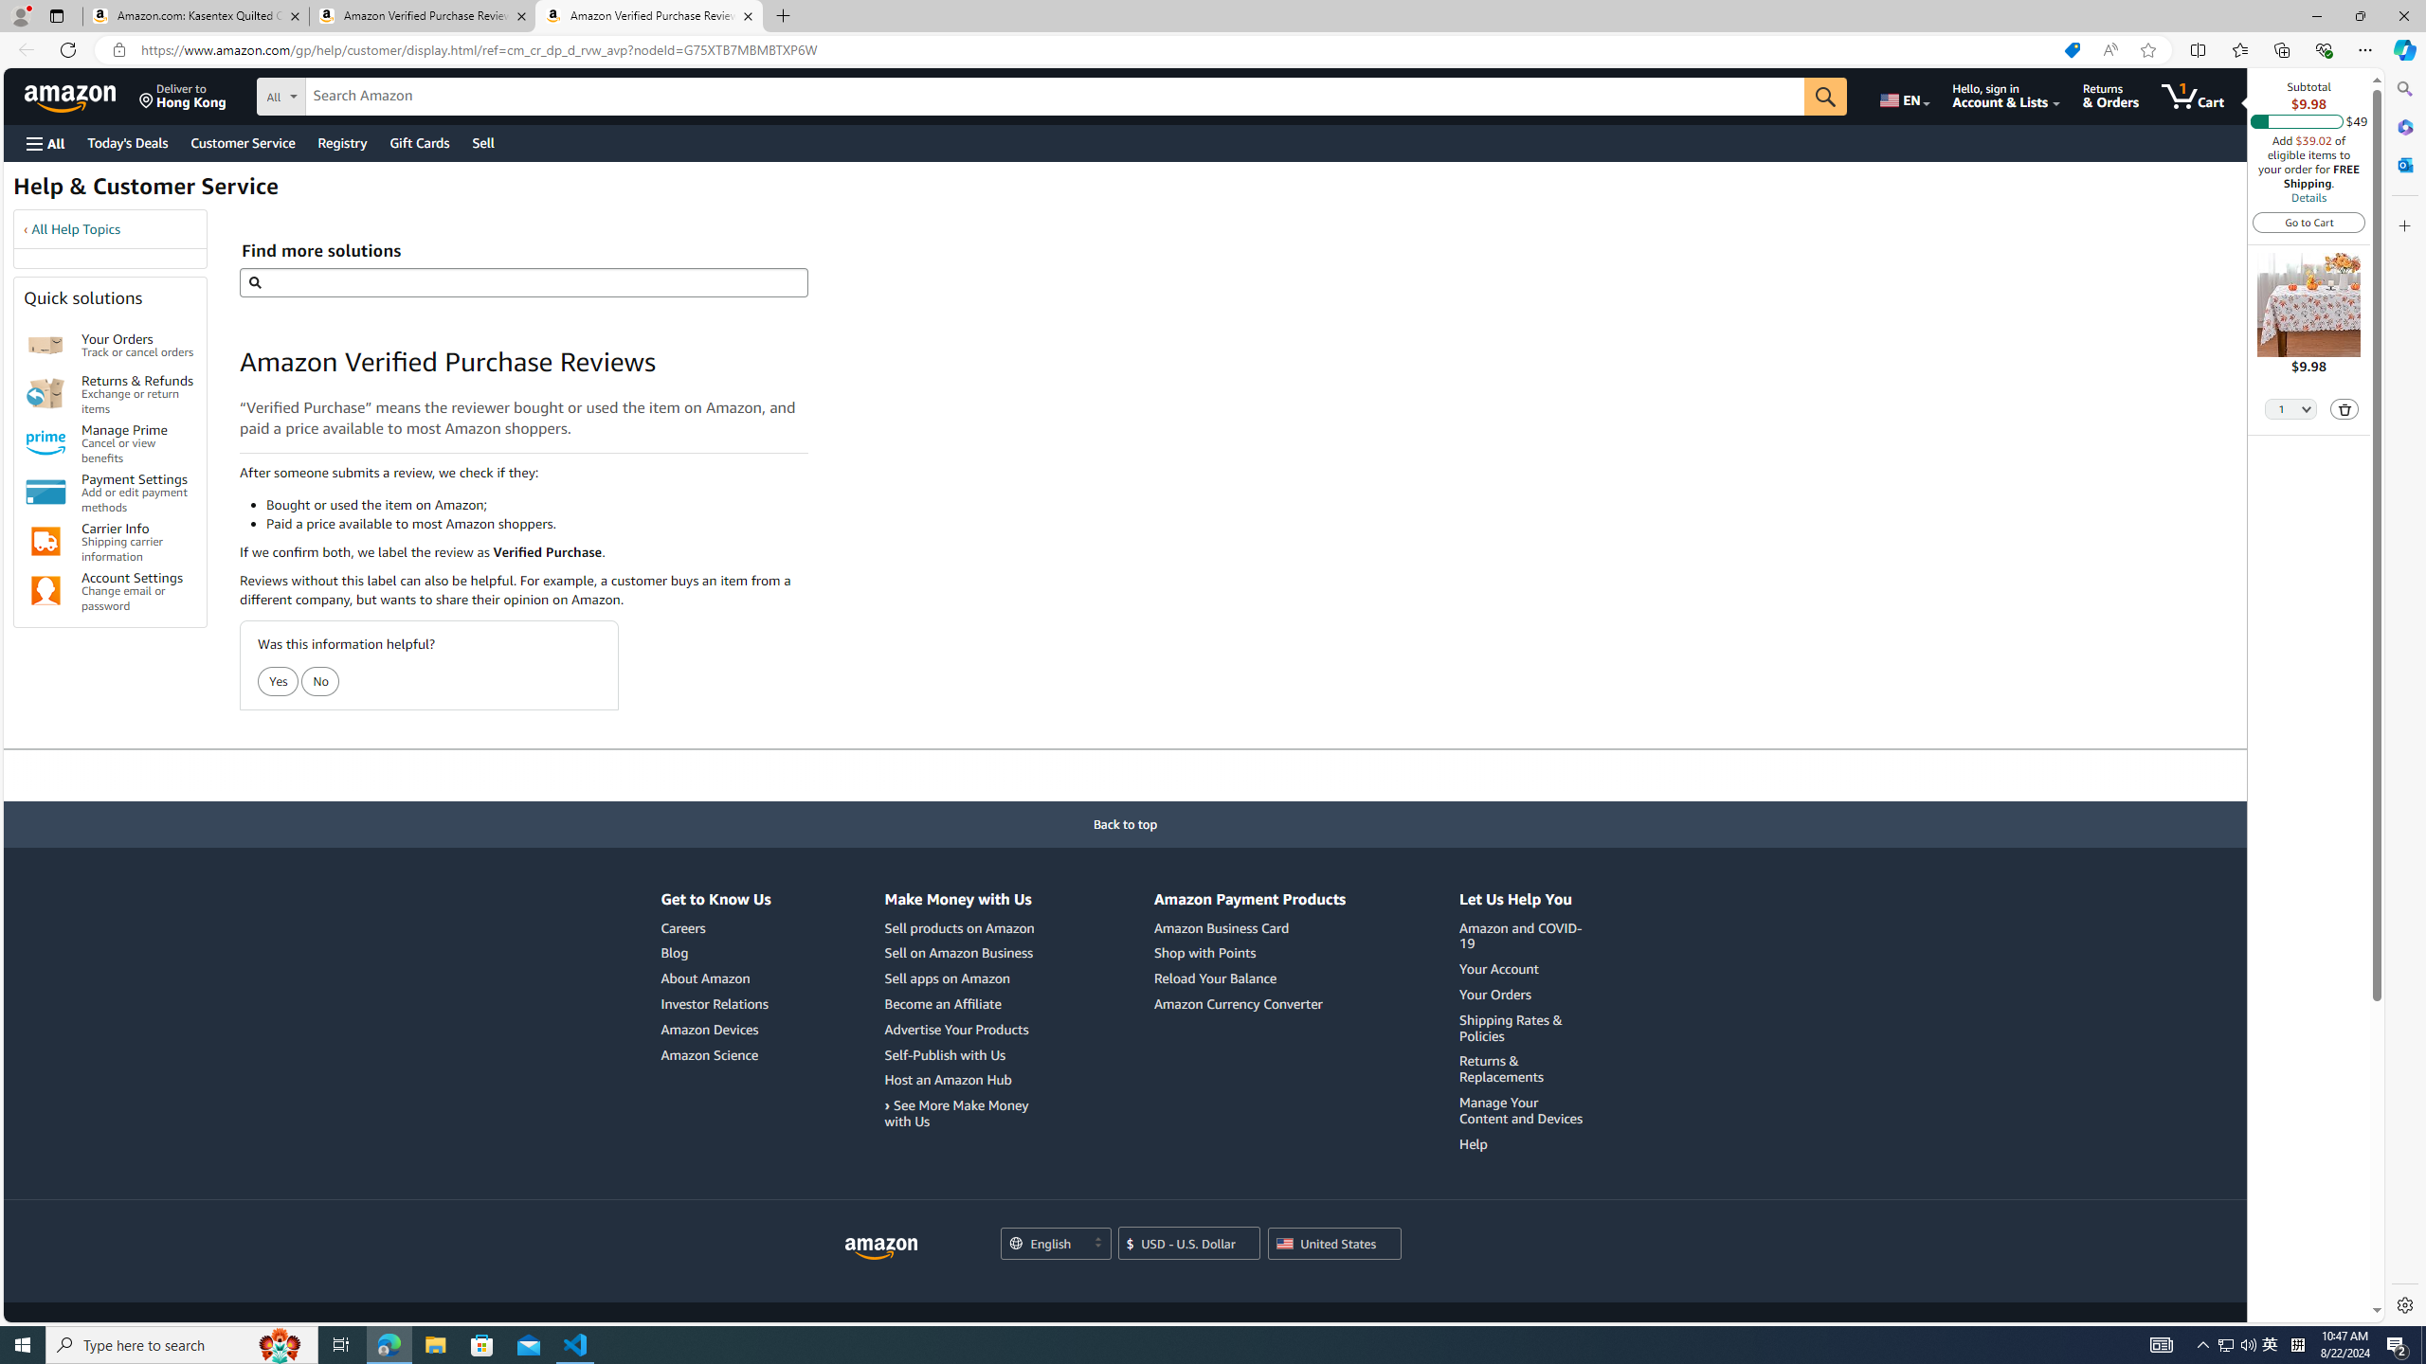 The width and height of the screenshot is (2426, 1364). What do you see at coordinates (708, 1028) in the screenshot?
I see `'Amazon Devices'` at bounding box center [708, 1028].